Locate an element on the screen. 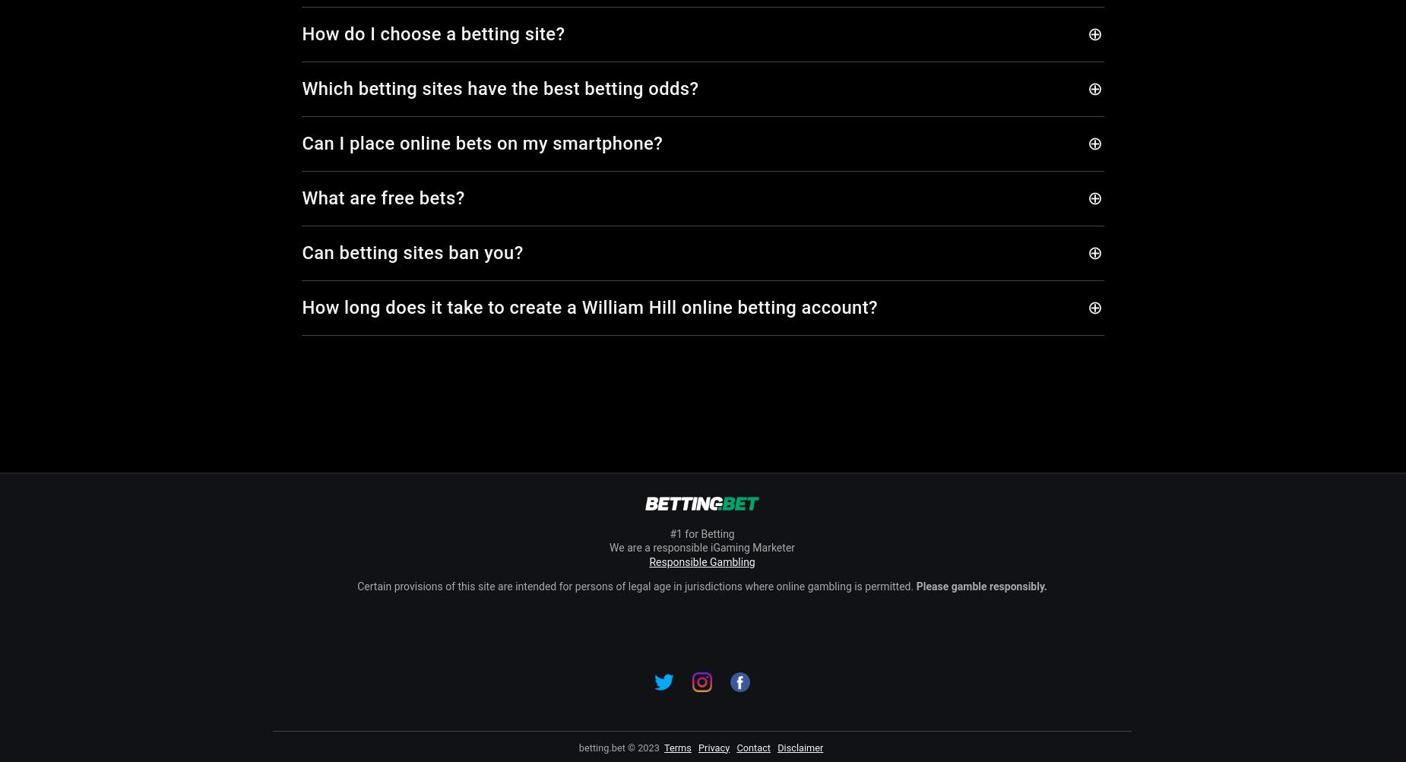 The width and height of the screenshot is (1406, 762). '#1 for Betting' is located at coordinates (701, 533).